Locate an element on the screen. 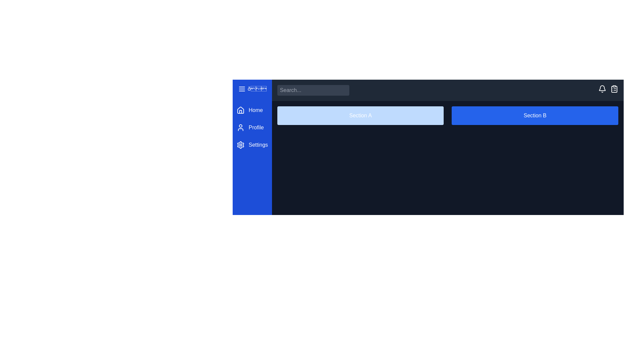 Image resolution: width=640 pixels, height=360 pixels. the 'Home' navigation icon located at the top of the vertical navigation bar on the left side of the interface is located at coordinates (240, 110).